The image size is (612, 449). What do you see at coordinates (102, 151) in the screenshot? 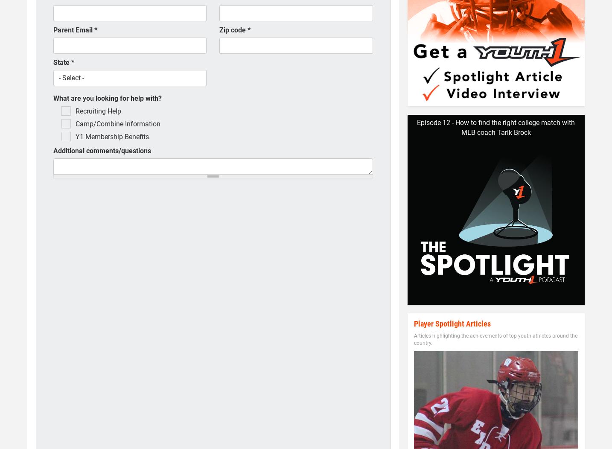
I see `'Additional comments/questions'` at bounding box center [102, 151].